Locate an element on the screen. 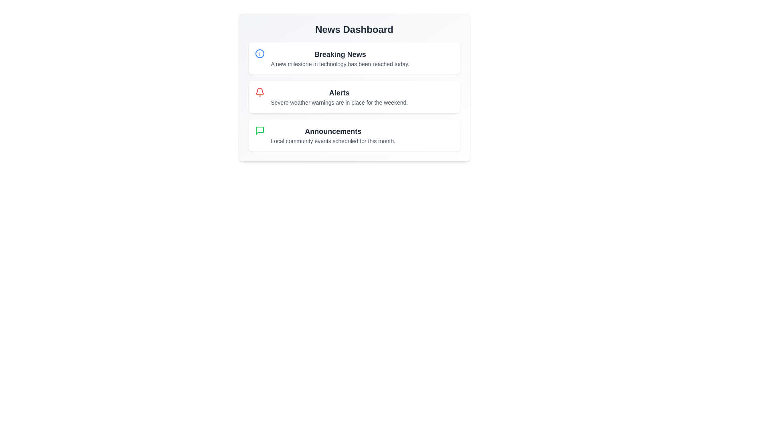  the title of the second news item labeled 'Alerts' is located at coordinates (339, 92).